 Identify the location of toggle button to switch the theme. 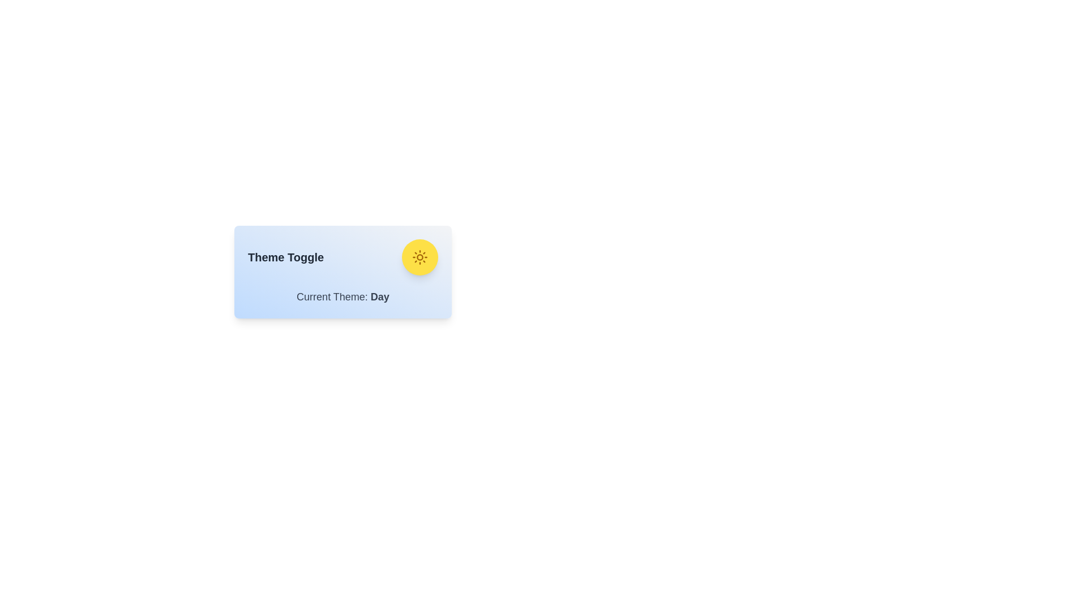
(420, 257).